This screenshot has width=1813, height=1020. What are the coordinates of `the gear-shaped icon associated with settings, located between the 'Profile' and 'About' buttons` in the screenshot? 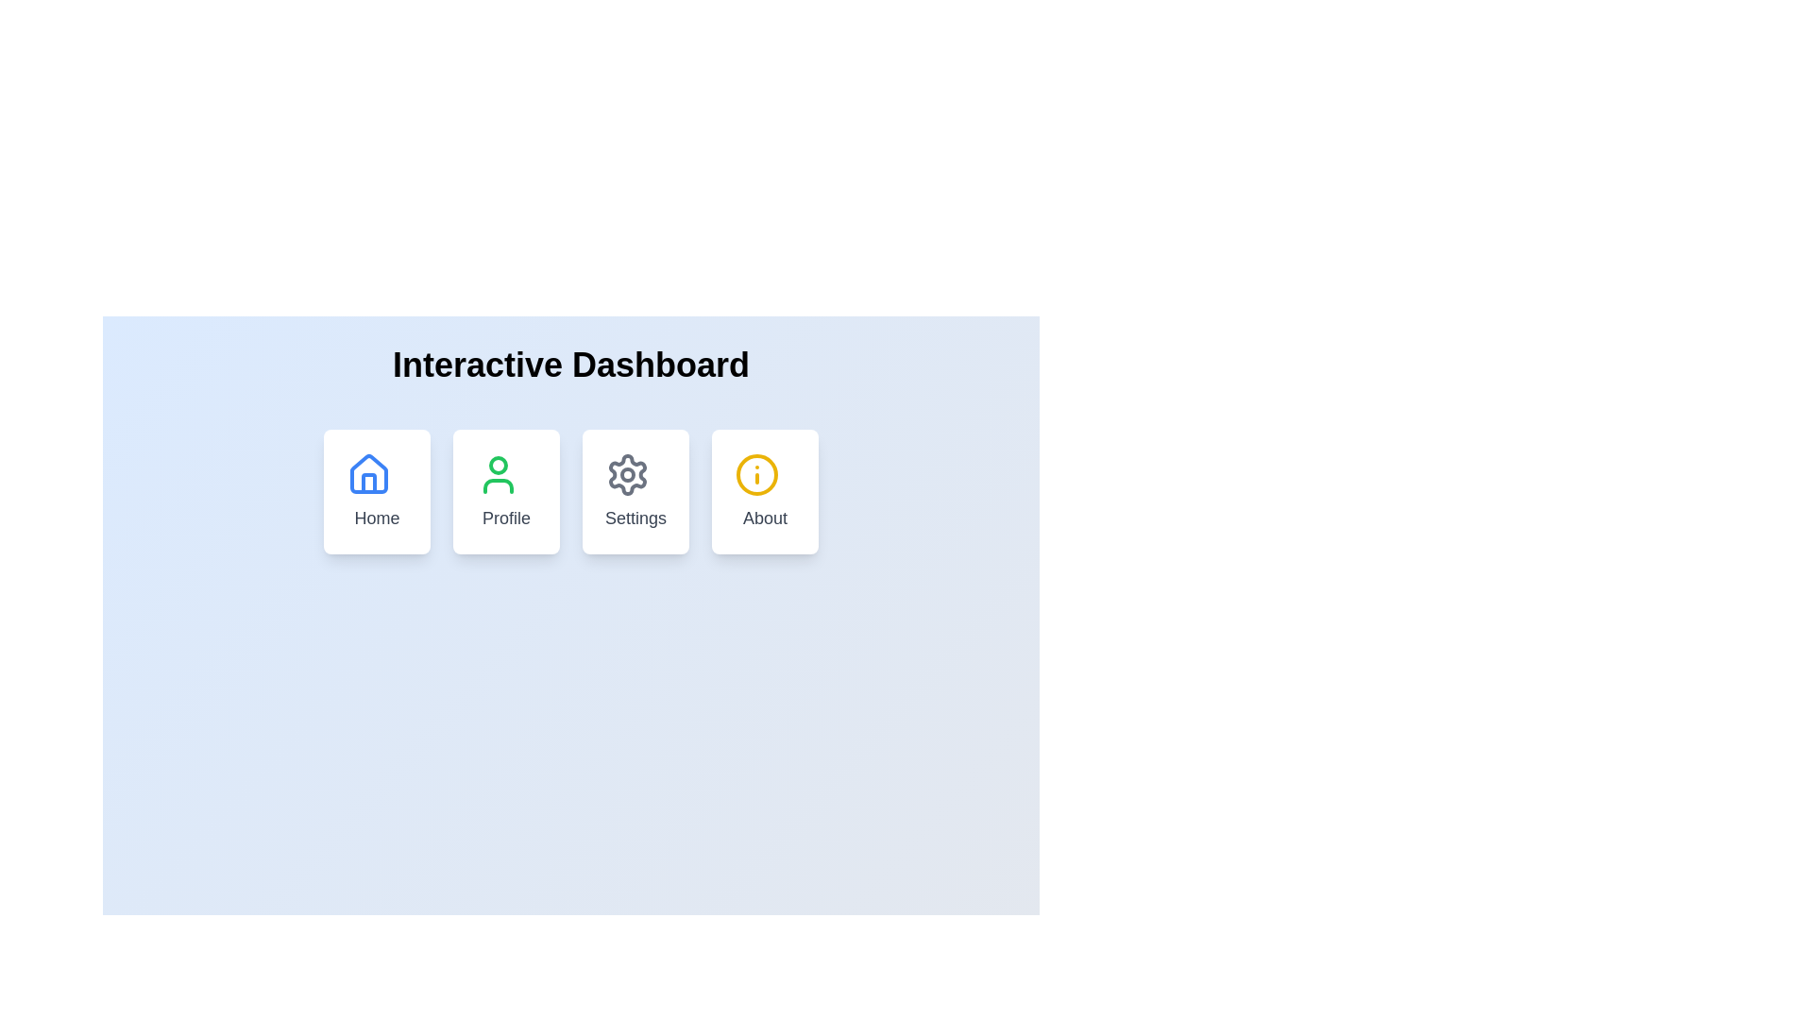 It's located at (628, 473).